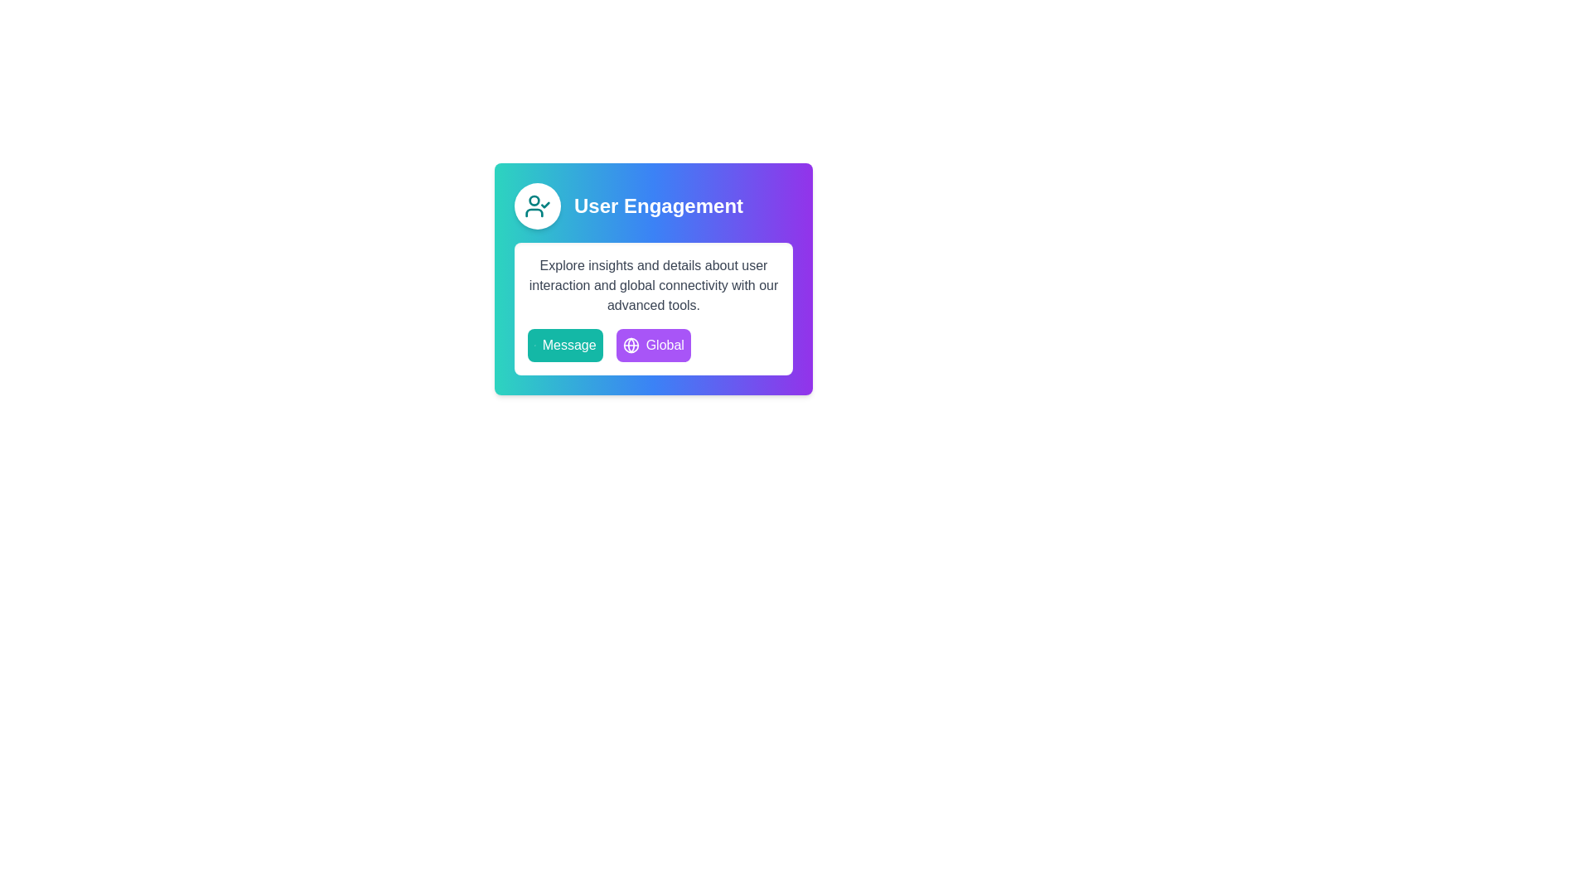 The image size is (1591, 895). What do you see at coordinates (652, 309) in the screenshot?
I see `displayed information in the Informational Section with Buttons located below the heading 'User Engagement'` at bounding box center [652, 309].